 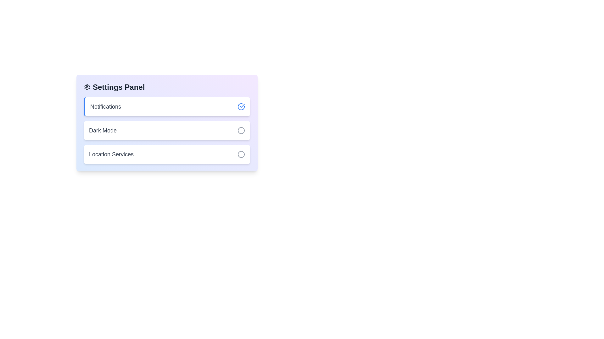 What do you see at coordinates (241, 154) in the screenshot?
I see `the toggle button for Location Services to change its state` at bounding box center [241, 154].